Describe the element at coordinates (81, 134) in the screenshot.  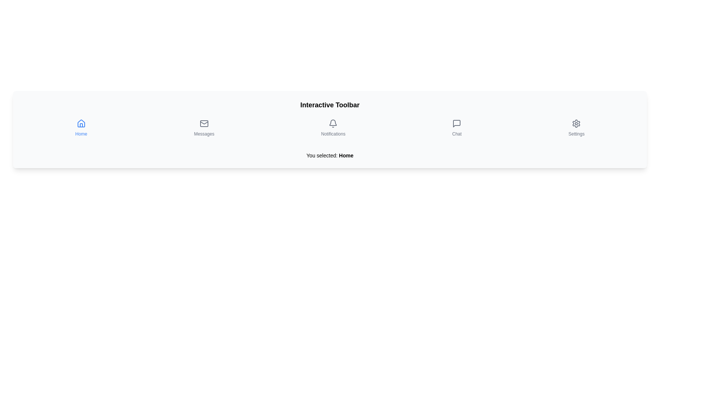
I see `the 'Home' text label located below the house icon in the toolbar, which is the first text element from the left` at that location.